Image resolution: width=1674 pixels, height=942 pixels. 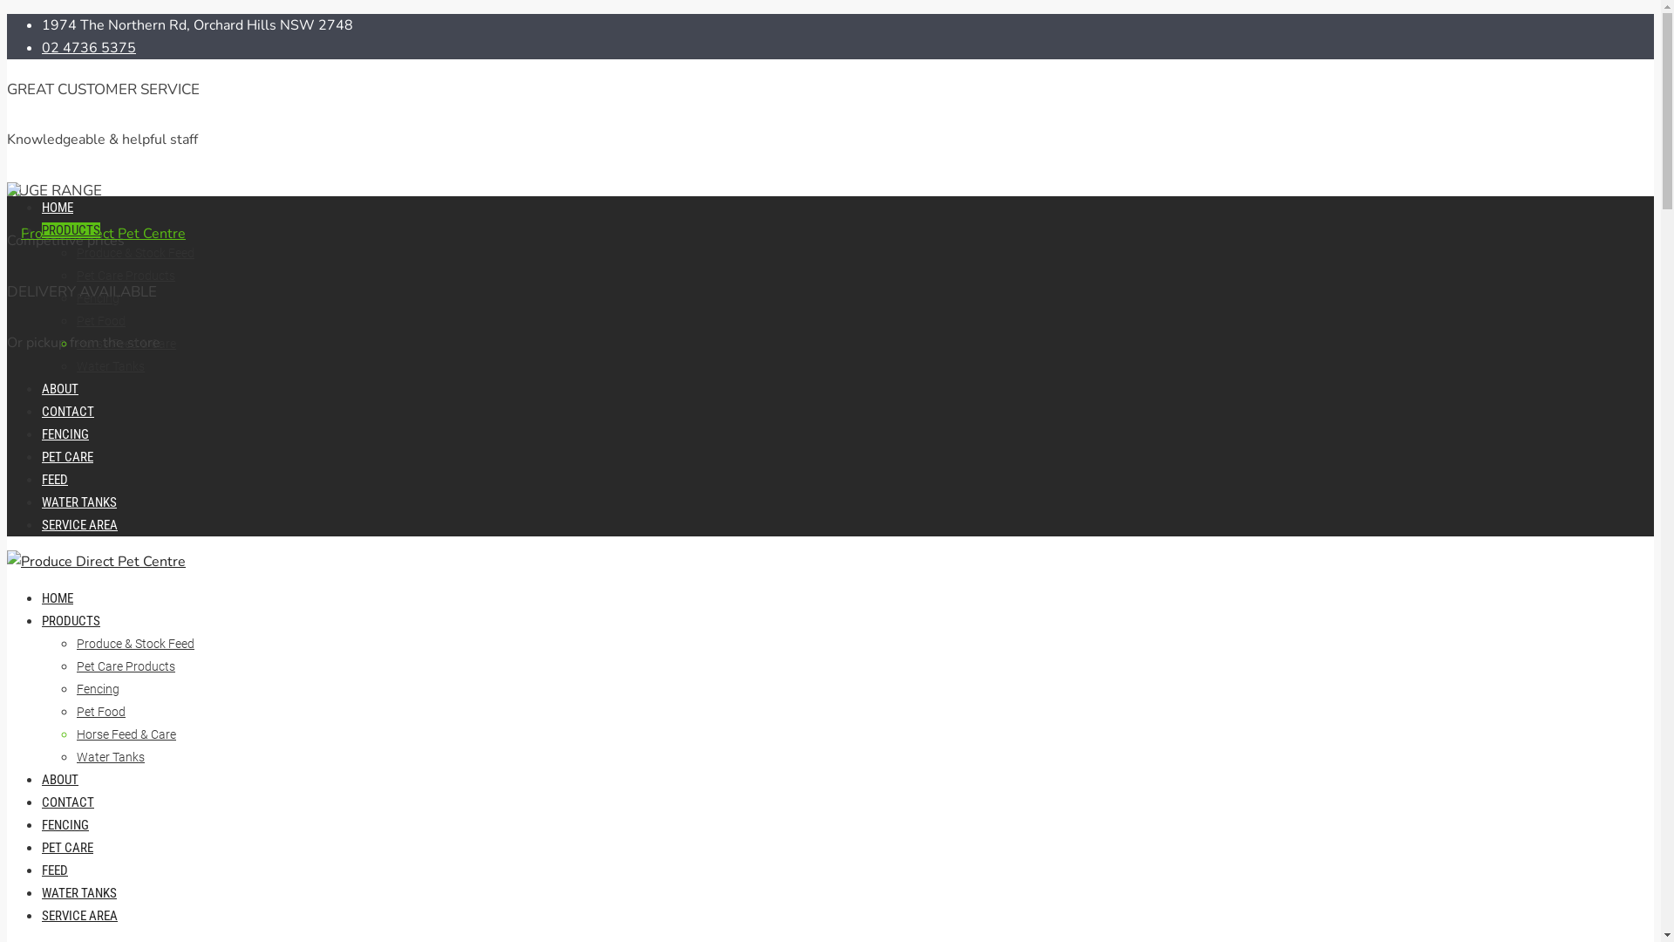 I want to click on 'Produce & Stock Feed', so click(x=134, y=252).